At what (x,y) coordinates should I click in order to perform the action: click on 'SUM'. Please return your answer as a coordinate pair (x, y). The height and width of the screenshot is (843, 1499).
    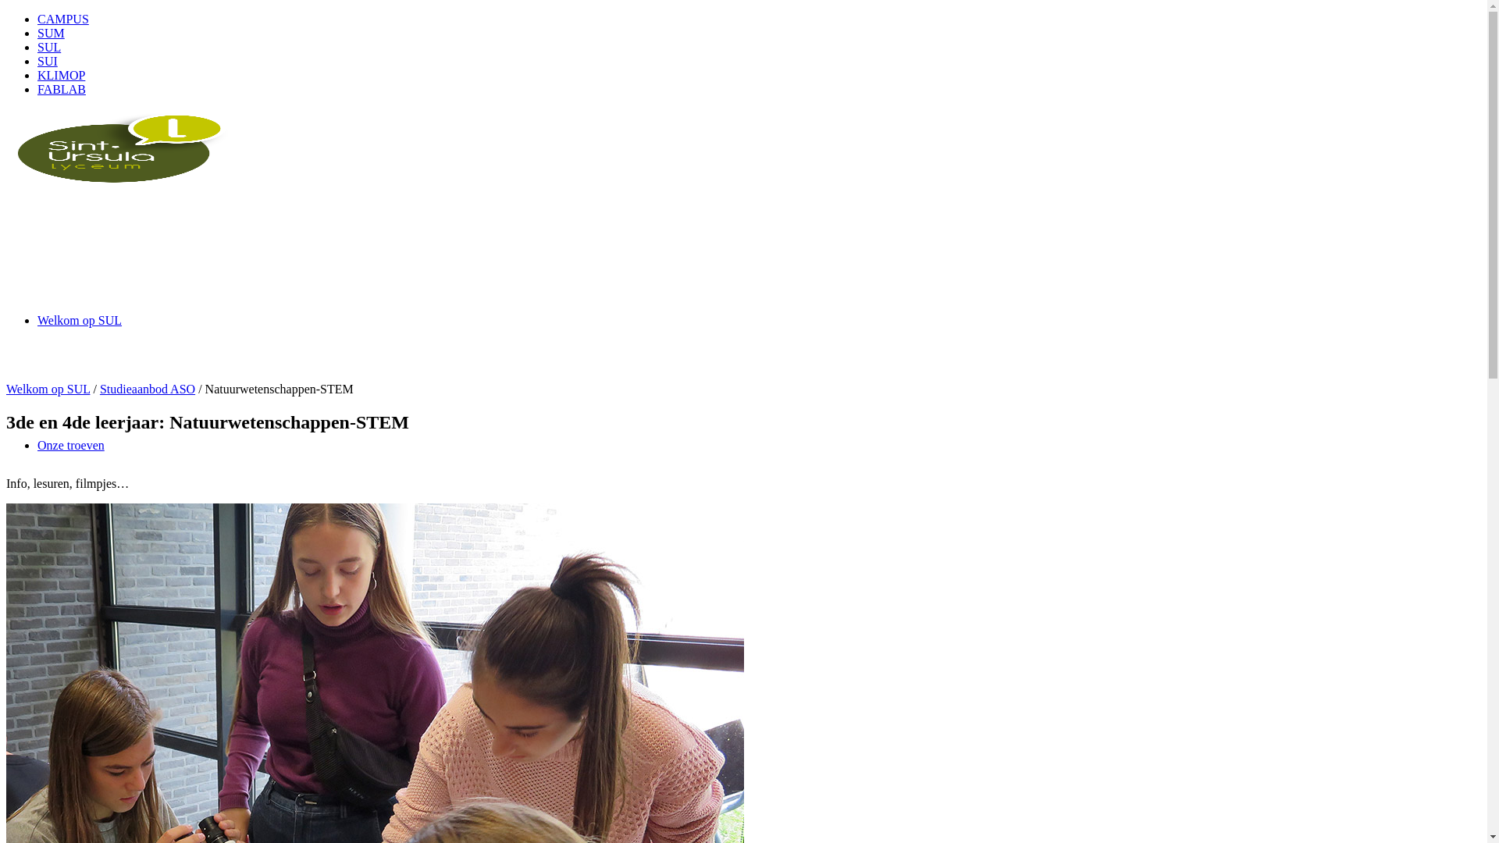
    Looking at the image, I should click on (37, 33).